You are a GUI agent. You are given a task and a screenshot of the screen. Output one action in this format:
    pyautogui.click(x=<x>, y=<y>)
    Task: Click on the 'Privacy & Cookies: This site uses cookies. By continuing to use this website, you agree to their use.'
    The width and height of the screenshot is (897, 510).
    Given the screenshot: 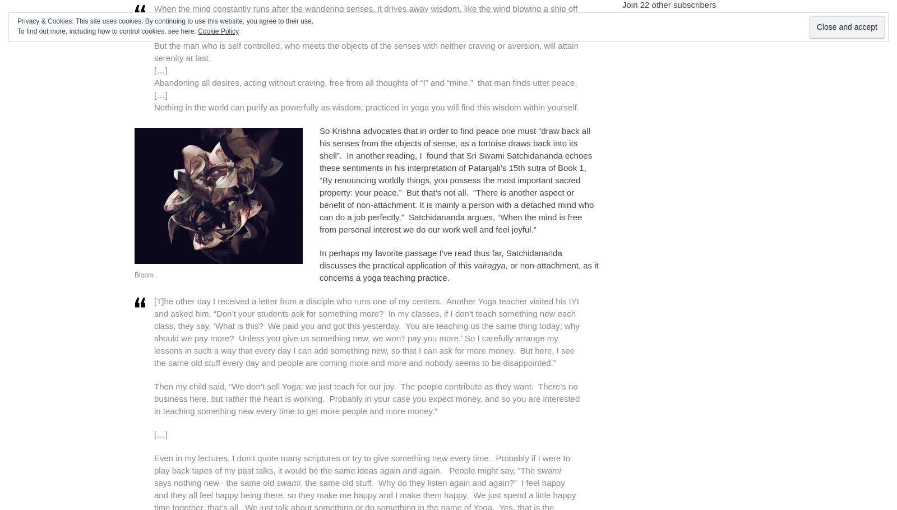 What is the action you would take?
    pyautogui.click(x=165, y=21)
    